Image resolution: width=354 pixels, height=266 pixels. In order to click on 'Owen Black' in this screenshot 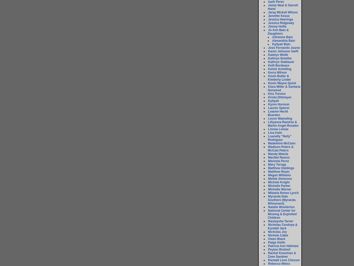, I will do `click(268, 239)`.